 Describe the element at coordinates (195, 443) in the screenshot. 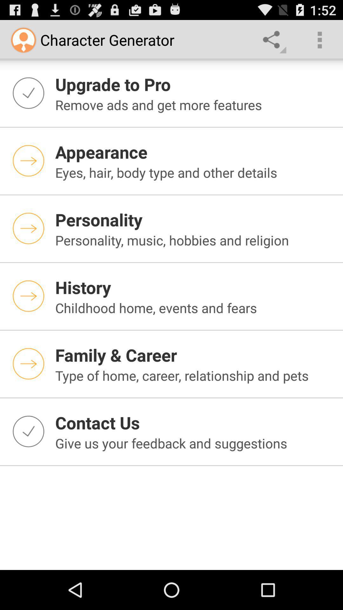

I see `give us your app` at that location.